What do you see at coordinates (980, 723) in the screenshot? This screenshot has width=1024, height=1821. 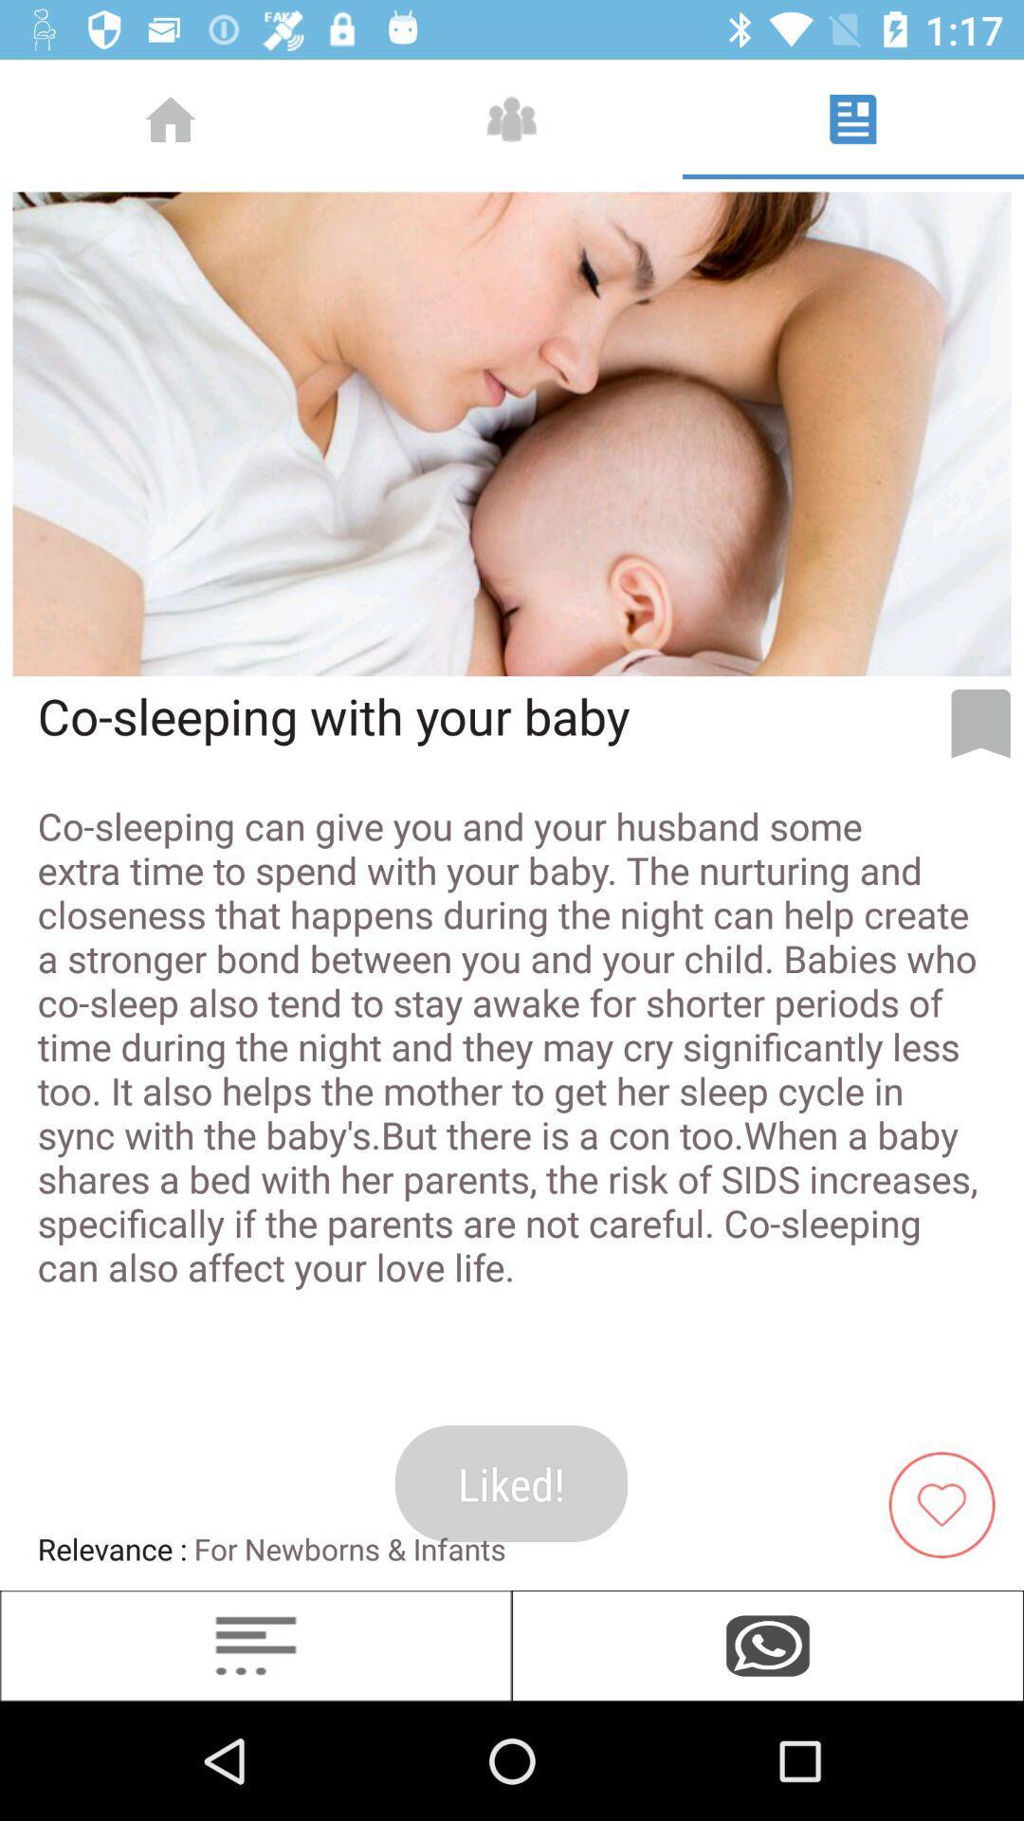 I see `the bookmark icon` at bounding box center [980, 723].